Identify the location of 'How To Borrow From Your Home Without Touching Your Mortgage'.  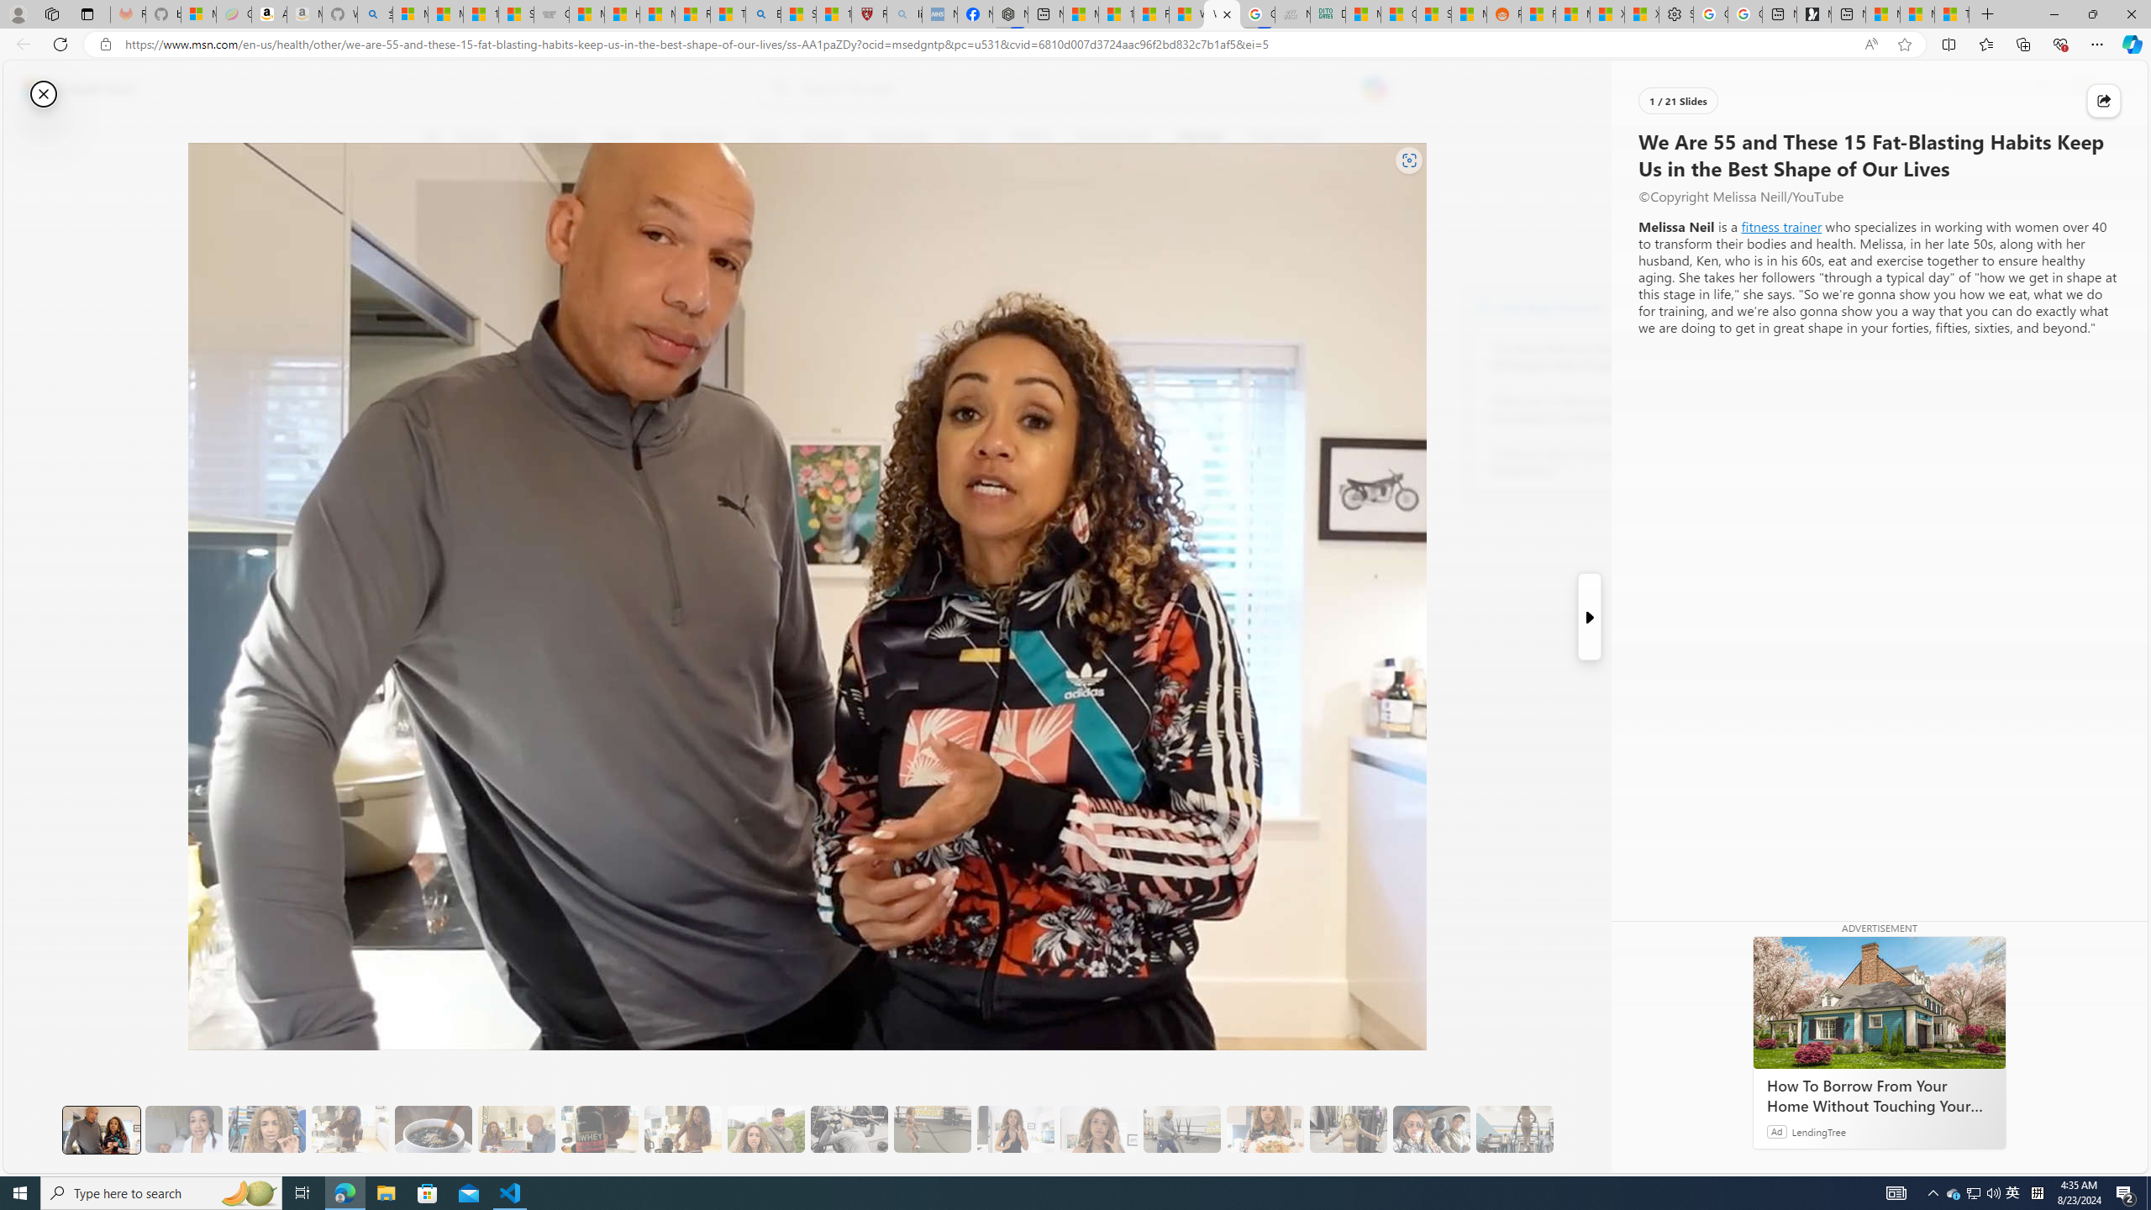
(1878, 1002).